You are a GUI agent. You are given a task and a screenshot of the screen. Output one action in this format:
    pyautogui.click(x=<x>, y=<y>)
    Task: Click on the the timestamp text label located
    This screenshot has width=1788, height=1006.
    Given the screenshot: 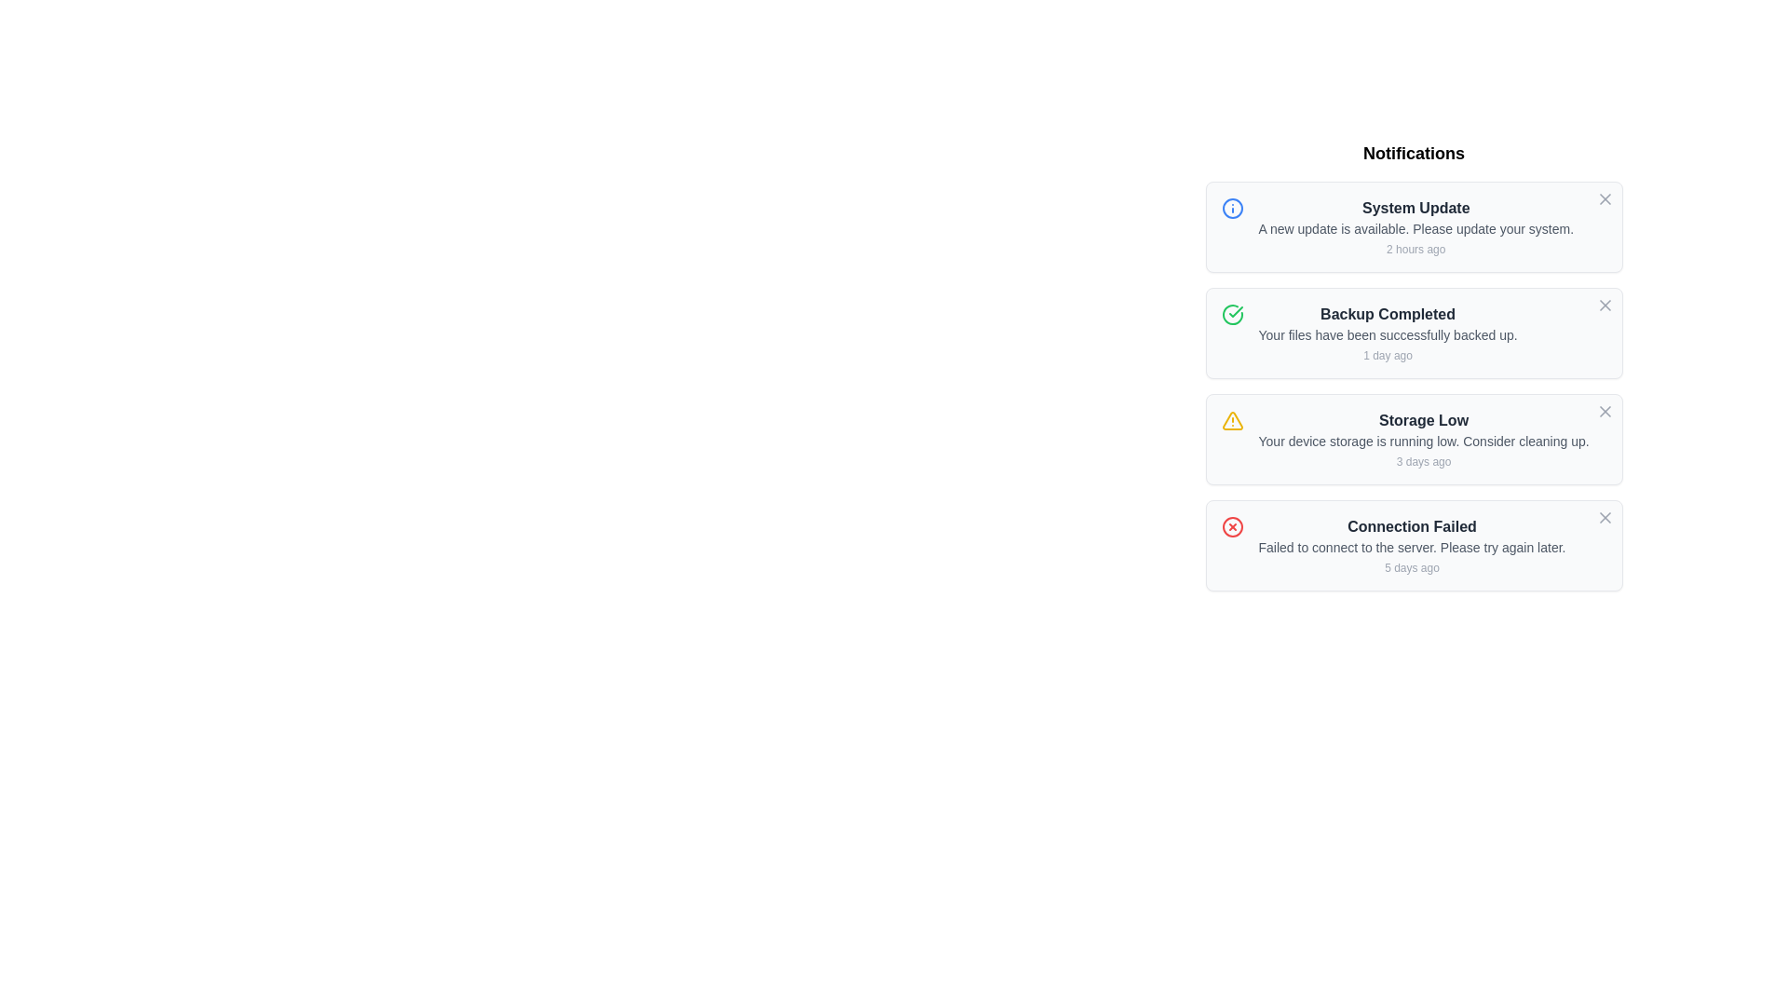 What is the action you would take?
    pyautogui.click(x=1412, y=566)
    